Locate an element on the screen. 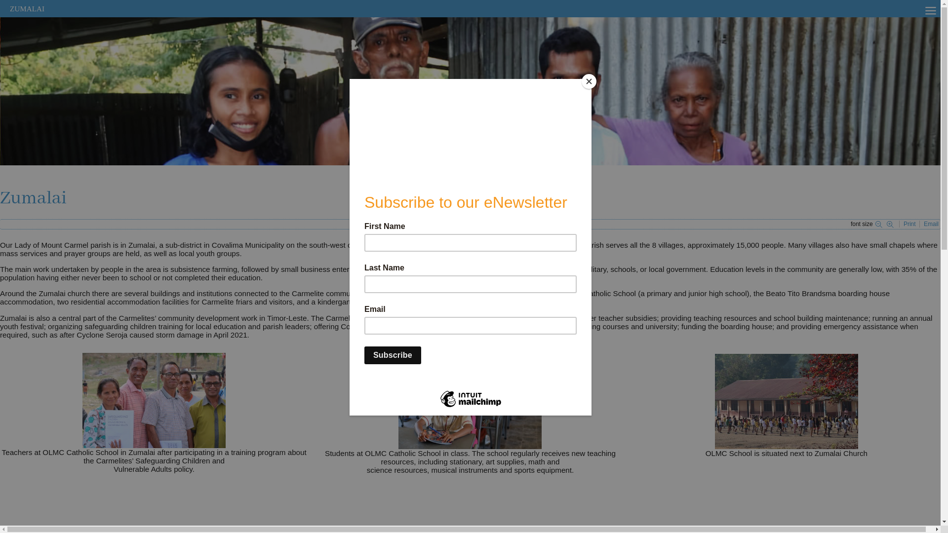 The height and width of the screenshot is (533, 948). 'Email' is located at coordinates (931, 224).